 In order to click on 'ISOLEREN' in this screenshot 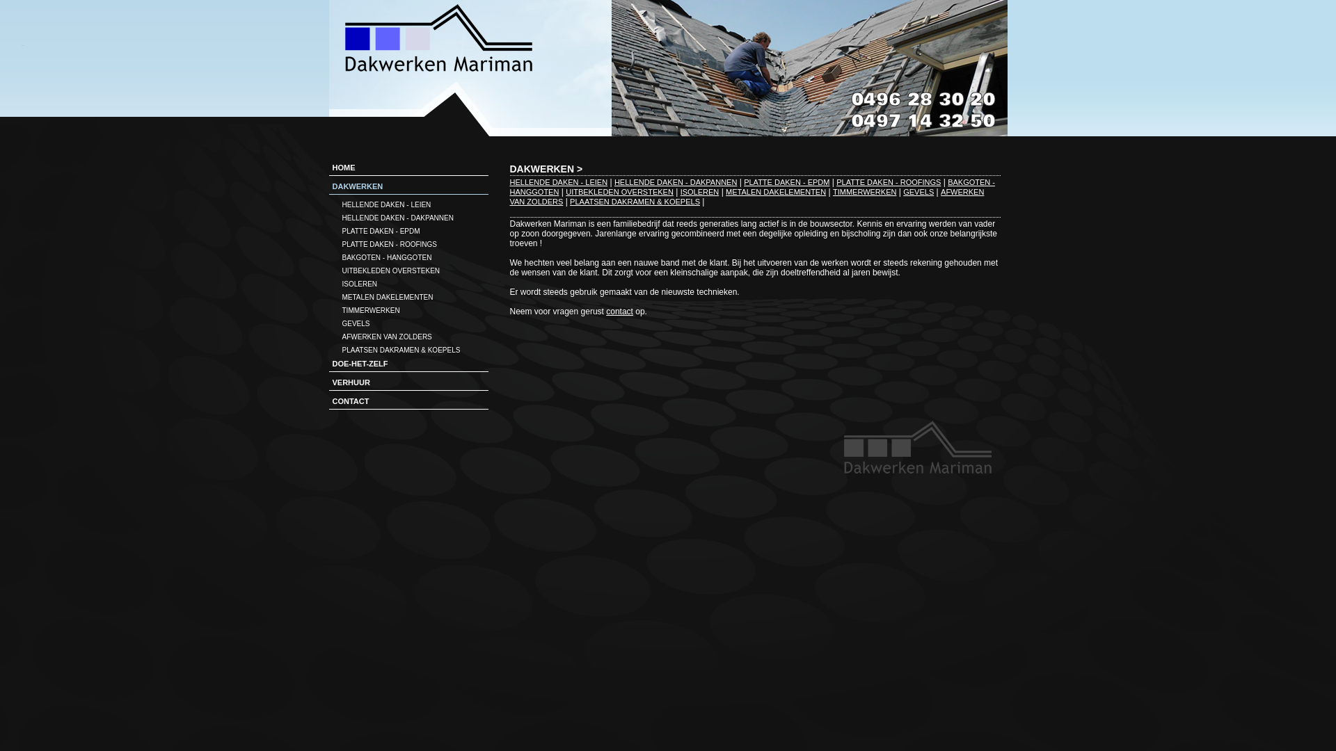, I will do `click(330, 282)`.